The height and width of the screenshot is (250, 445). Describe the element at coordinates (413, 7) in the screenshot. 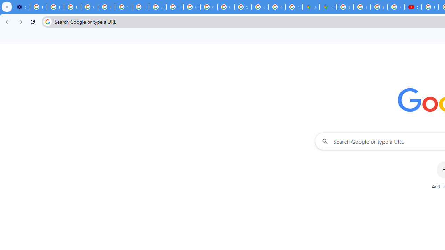

I see `'Subscriptions - YouTube'` at that location.